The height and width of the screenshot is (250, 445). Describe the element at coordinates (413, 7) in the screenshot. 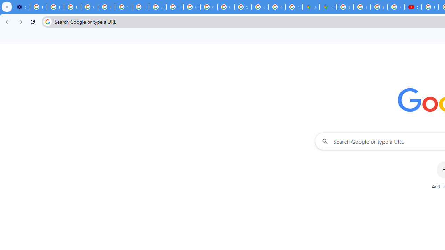

I see `'Subscriptions - YouTube'` at that location.